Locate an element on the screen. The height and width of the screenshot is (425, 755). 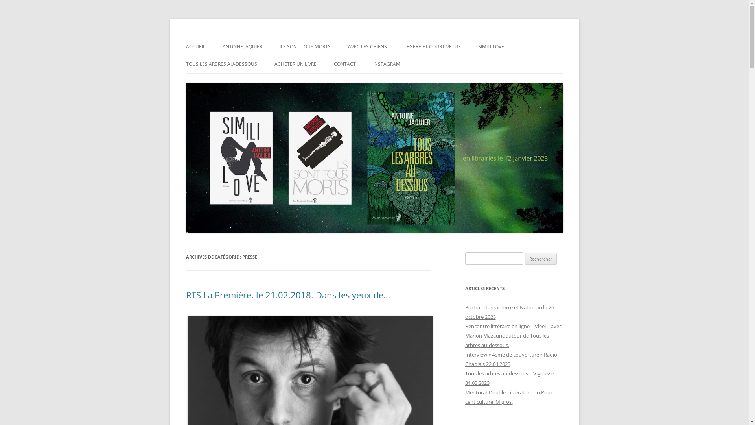
'CONTACT' is located at coordinates (344, 63).